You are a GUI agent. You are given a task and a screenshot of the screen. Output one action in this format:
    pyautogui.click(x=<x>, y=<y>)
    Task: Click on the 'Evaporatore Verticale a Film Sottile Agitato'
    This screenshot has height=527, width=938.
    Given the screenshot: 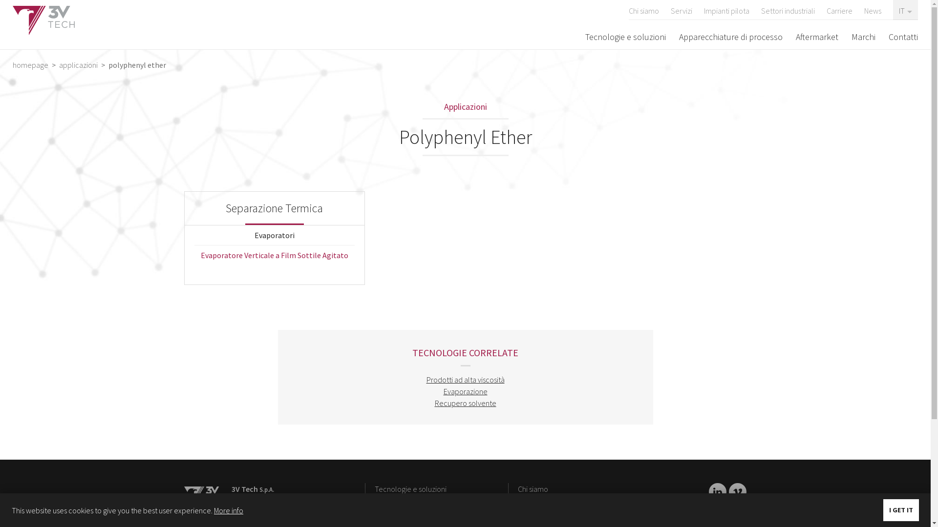 What is the action you would take?
    pyautogui.click(x=274, y=255)
    